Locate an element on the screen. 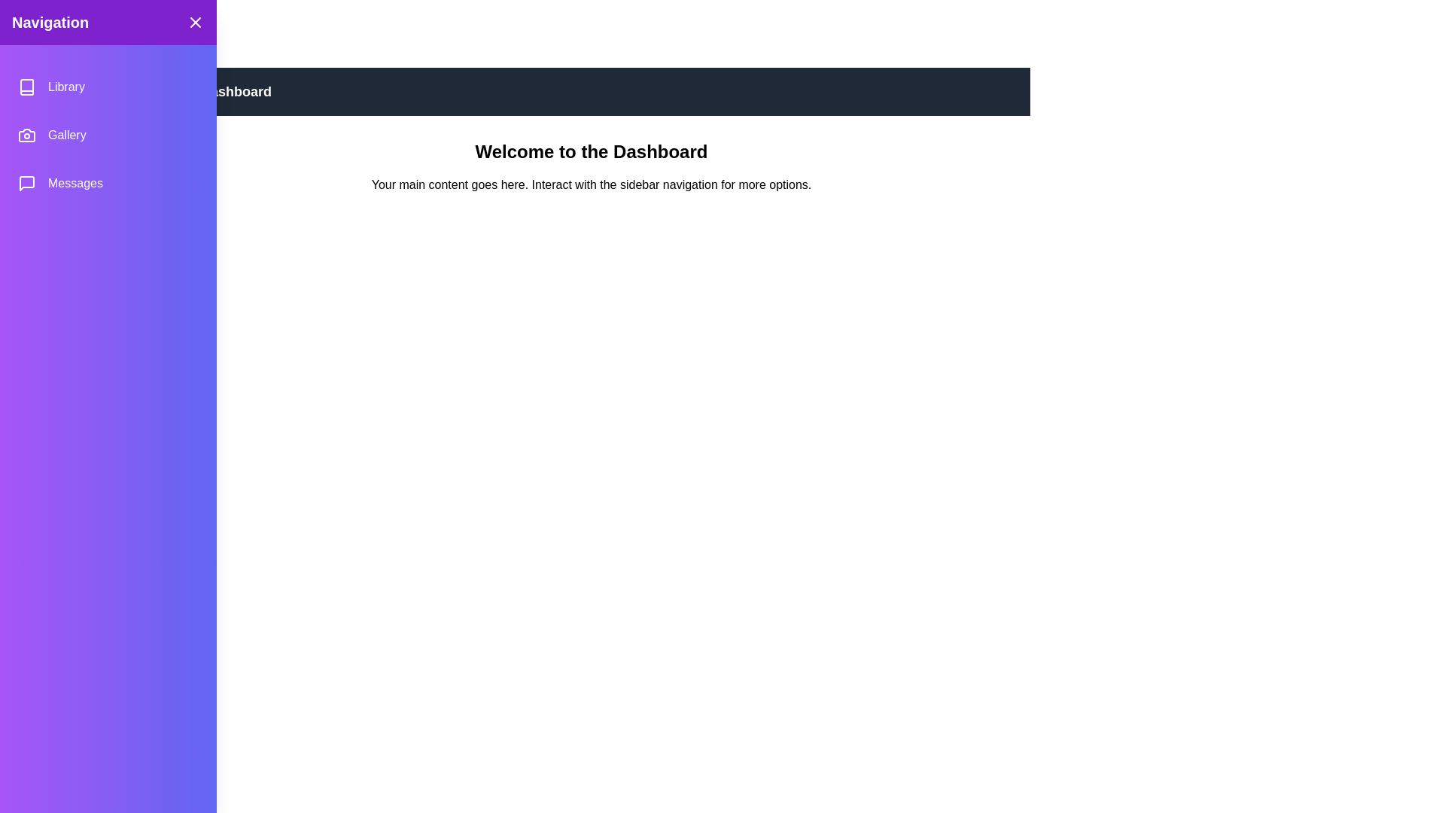 This screenshot has width=1445, height=813. the message icon, which is a speech bubble-like SVG icon located to the left of the 'Messages' label in the navigation sidebar is located at coordinates (26, 182).